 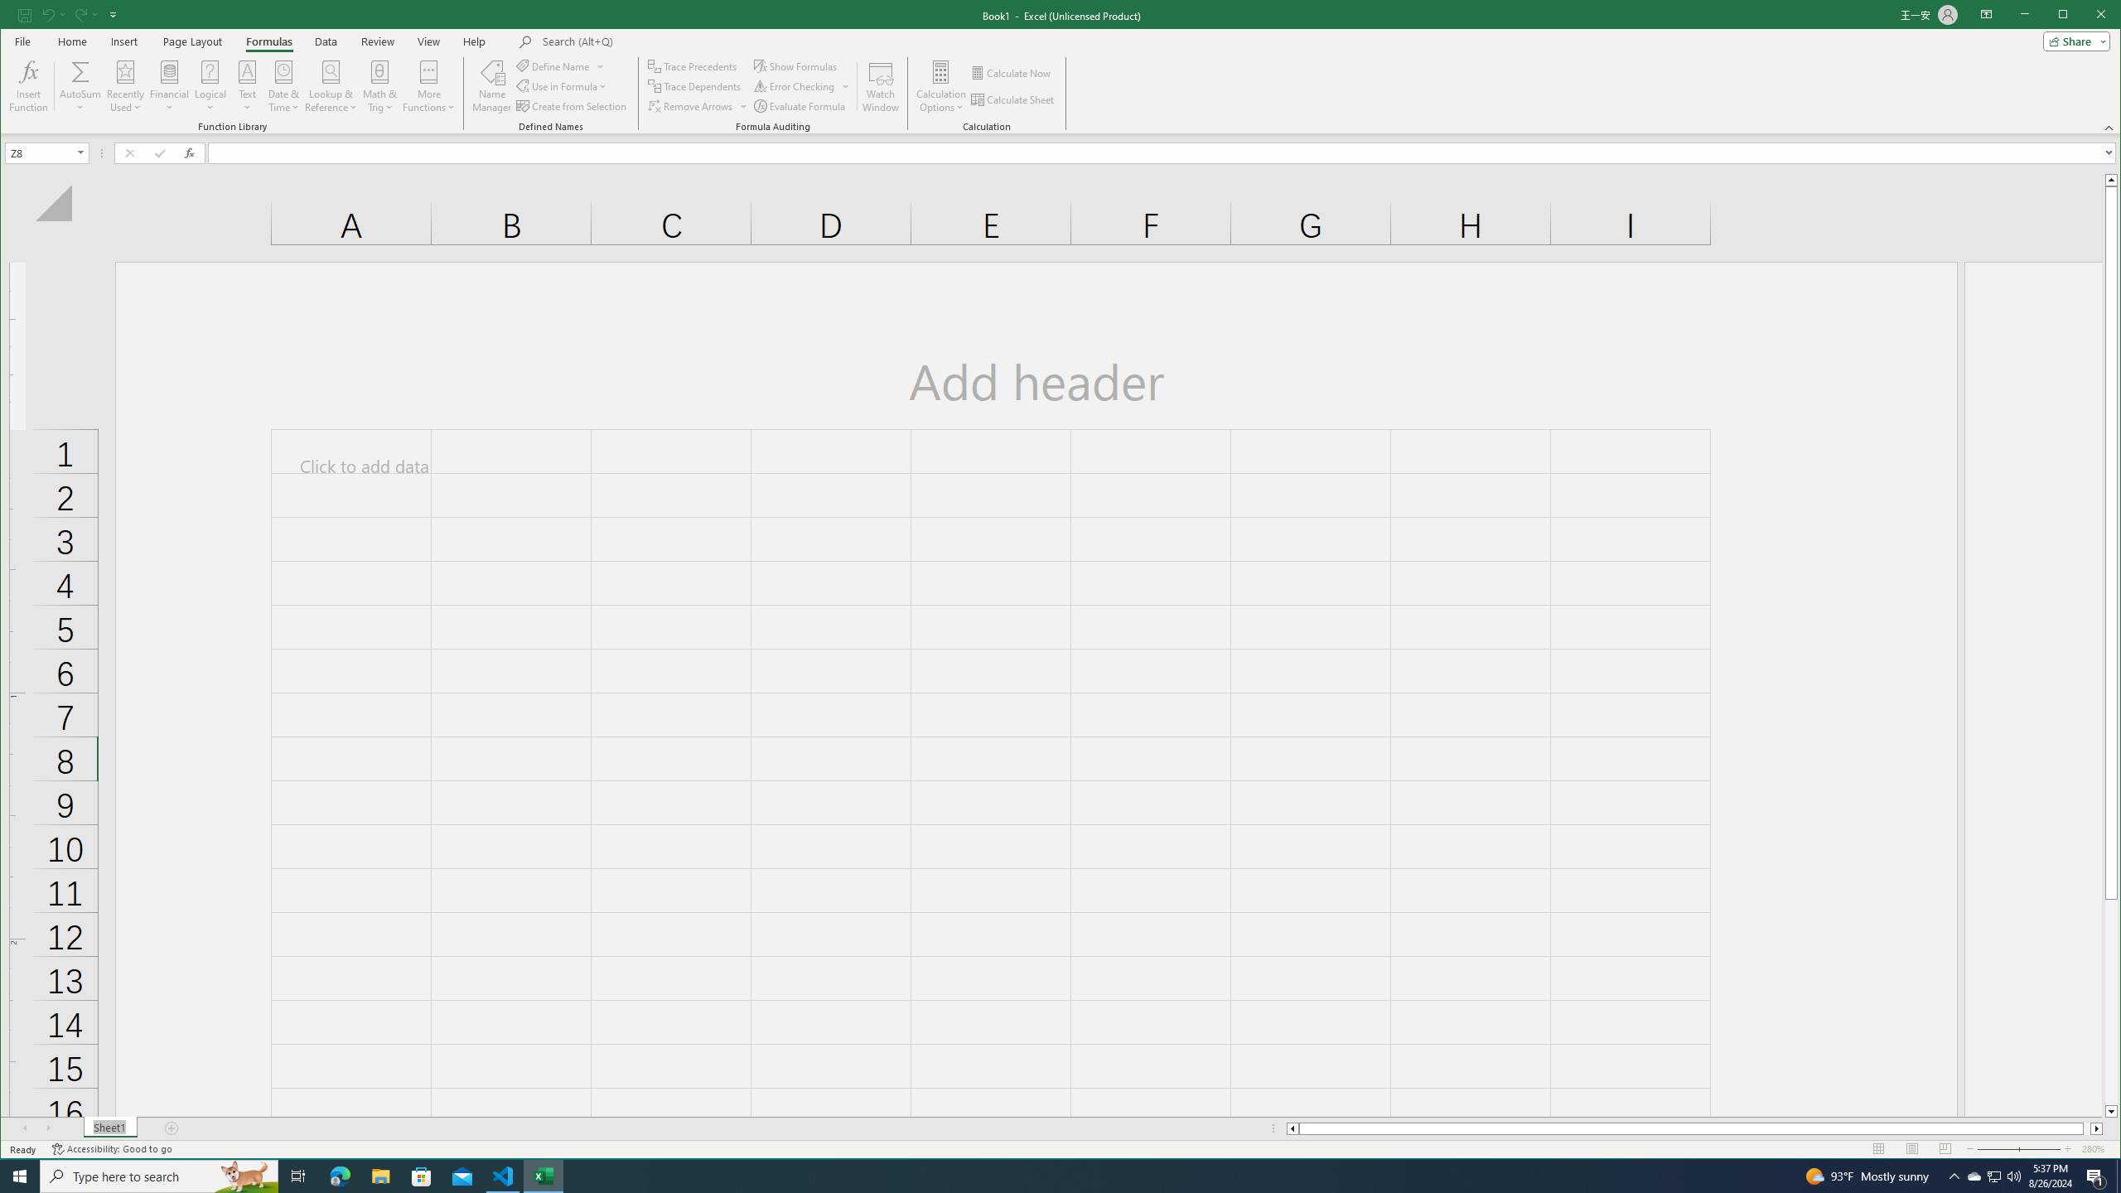 I want to click on 'Maximize', so click(x=2087, y=16).